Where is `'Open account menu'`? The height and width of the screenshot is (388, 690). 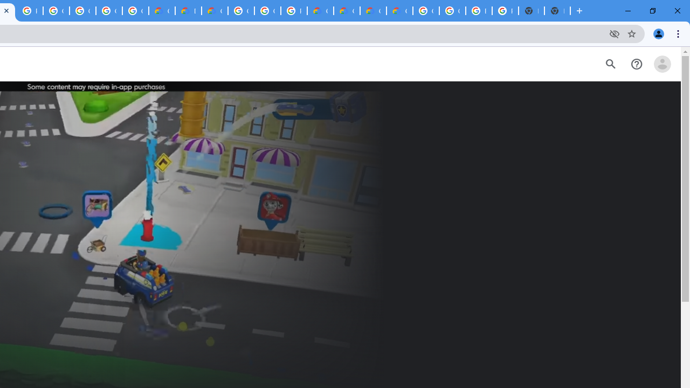 'Open account menu' is located at coordinates (661, 64).